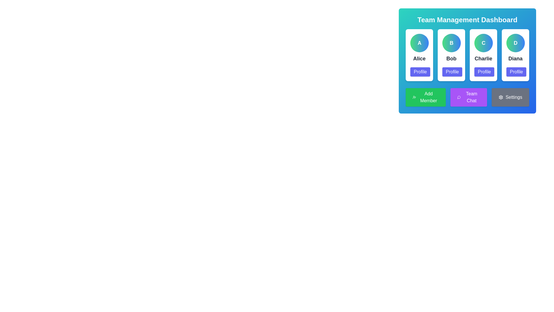 The height and width of the screenshot is (312, 554). I want to click on the Circular Icon or Badge representing the initial 'C' for Charlie, located above the name label 'Charlie', so click(483, 43).